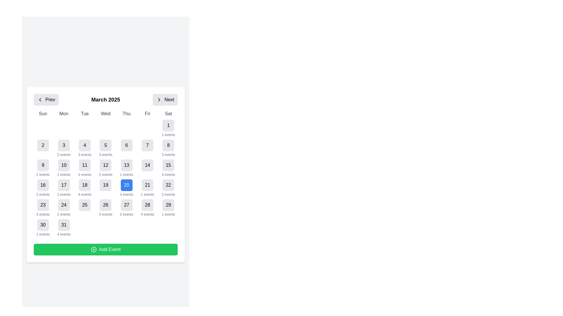 Image resolution: width=563 pixels, height=316 pixels. I want to click on the text label displaying '2 events' located directly beneath the rounded square representing the ninth day of the calendar grid in the March 2025 view, so click(43, 174).